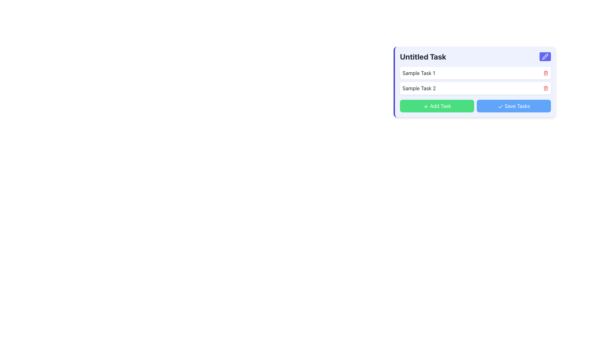 The width and height of the screenshot is (609, 342). What do you see at coordinates (419, 88) in the screenshot?
I see `the static text label displaying 'Sample Task 2', which is the second task item in the visible task list interface` at bounding box center [419, 88].